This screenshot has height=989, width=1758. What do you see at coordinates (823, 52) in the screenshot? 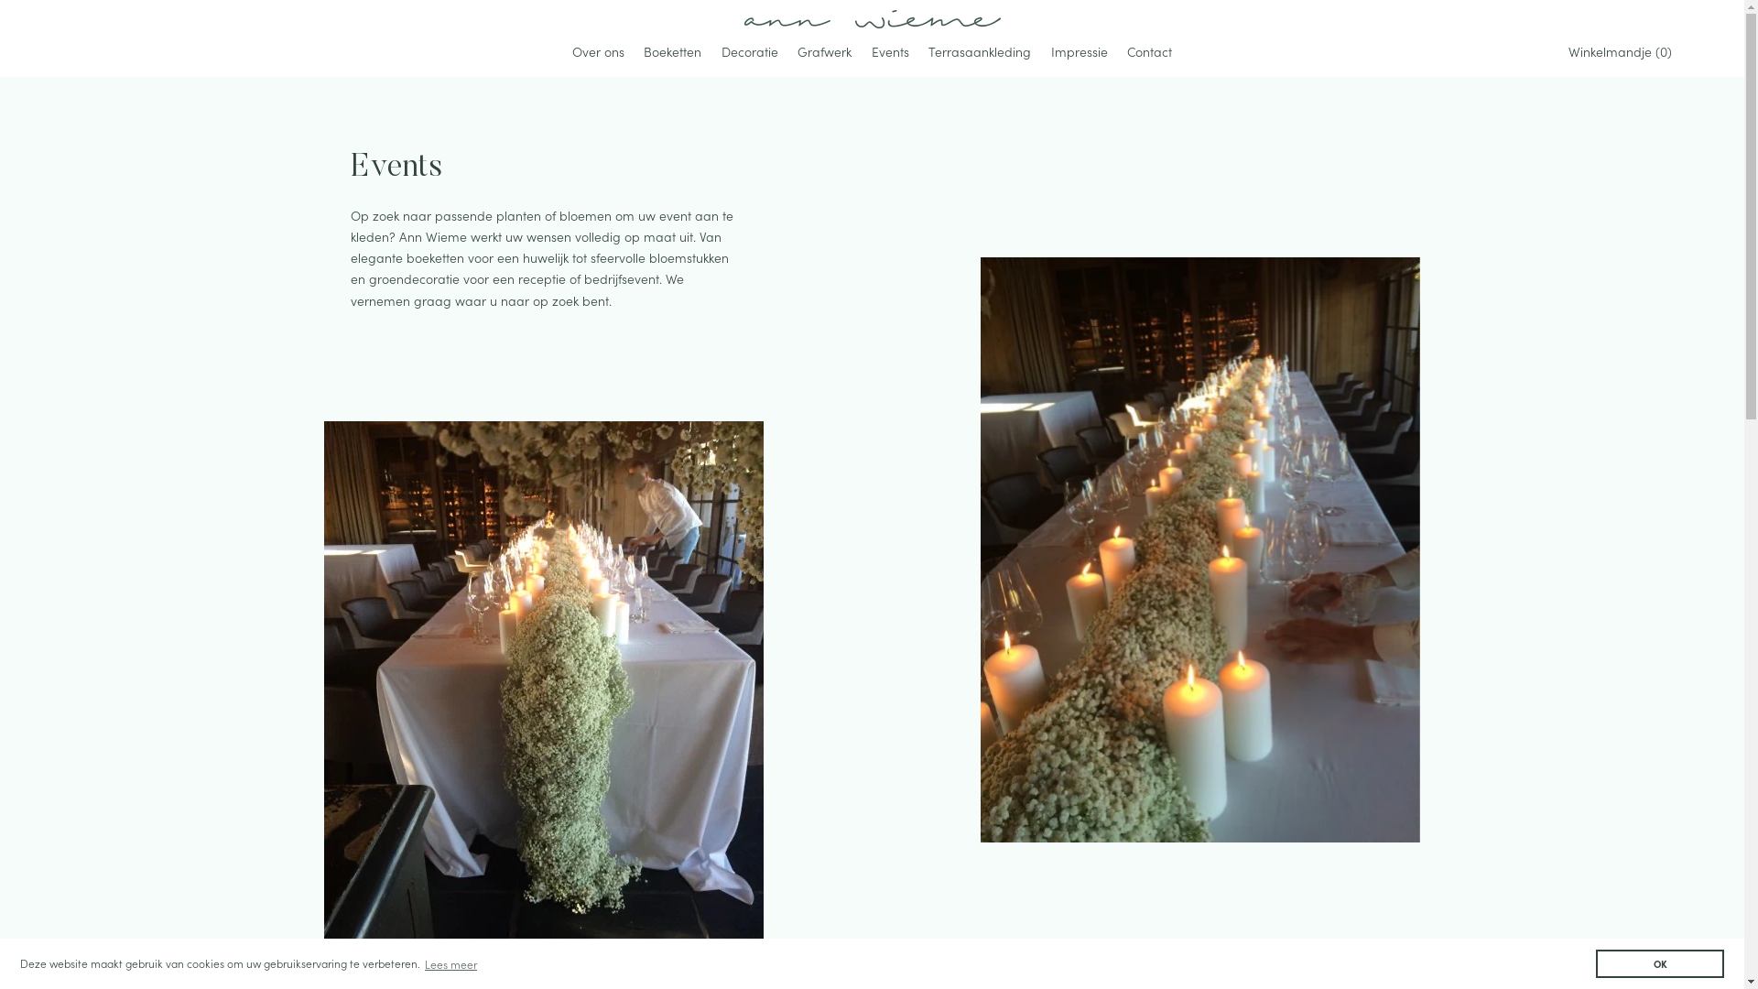
I see `'Grafwerk'` at bounding box center [823, 52].